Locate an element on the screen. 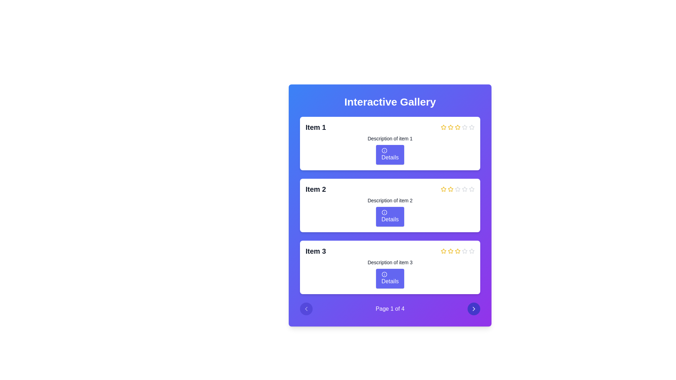  the second star icon in the rating row for 'Item 3' is located at coordinates (451, 251).